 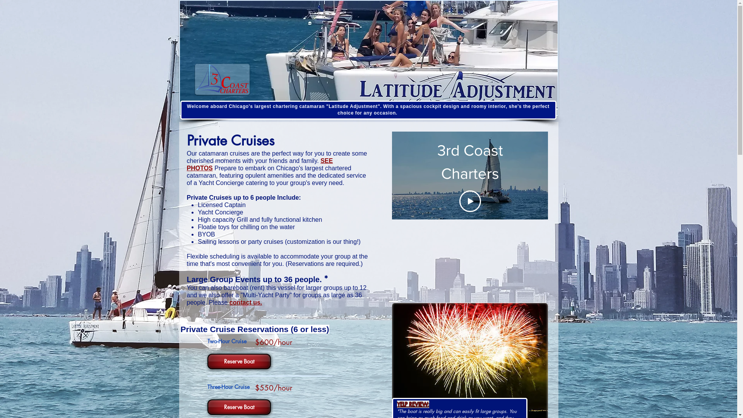 I want to click on 'logo transparent.png', so click(x=195, y=79).